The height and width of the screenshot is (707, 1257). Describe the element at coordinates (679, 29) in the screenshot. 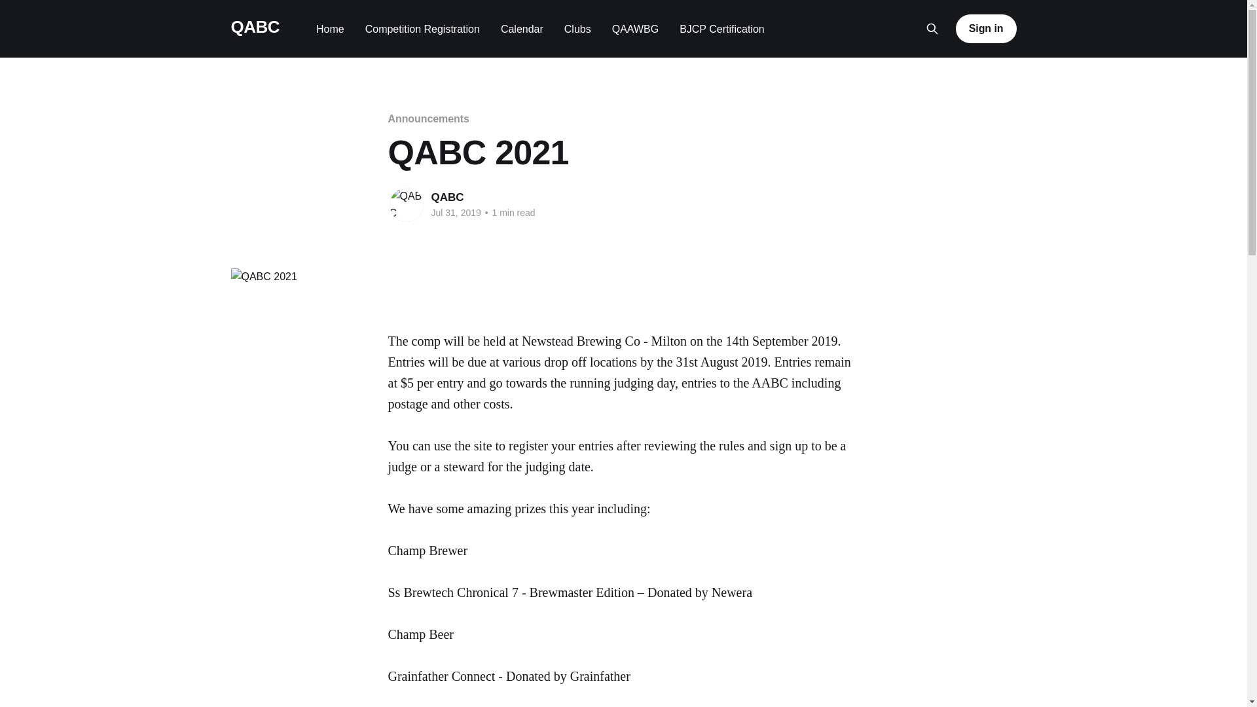

I see `'BJCP Certification'` at that location.